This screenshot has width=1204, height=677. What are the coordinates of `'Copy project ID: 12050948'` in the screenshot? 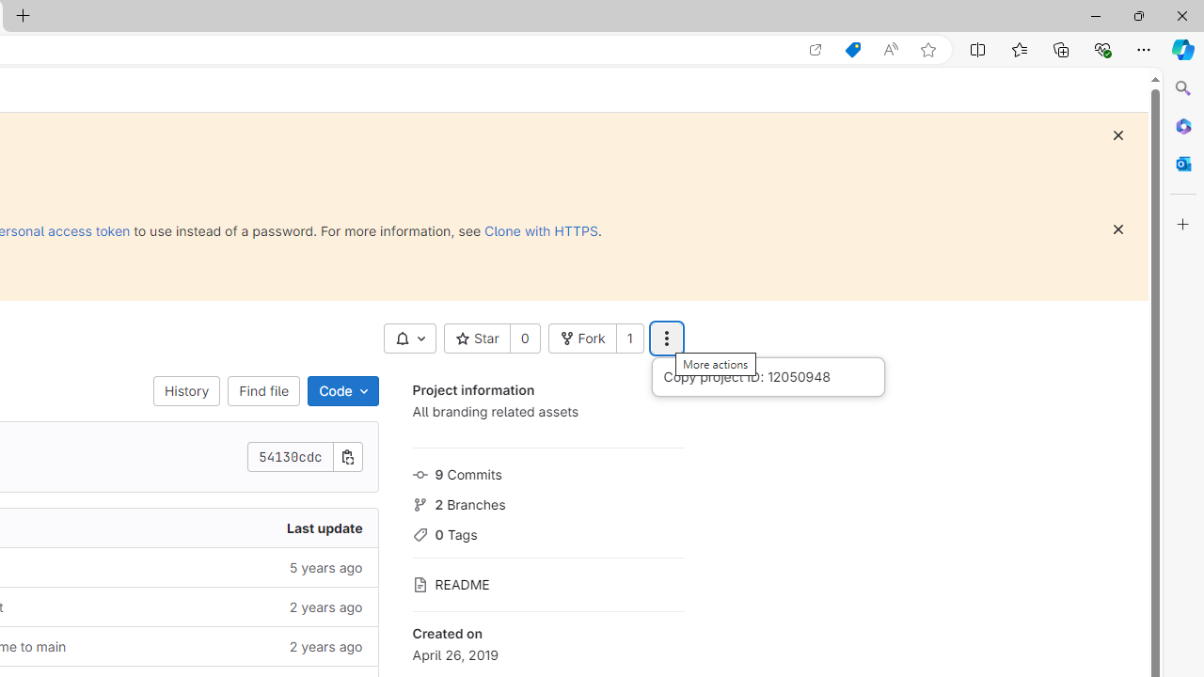 It's located at (768, 377).